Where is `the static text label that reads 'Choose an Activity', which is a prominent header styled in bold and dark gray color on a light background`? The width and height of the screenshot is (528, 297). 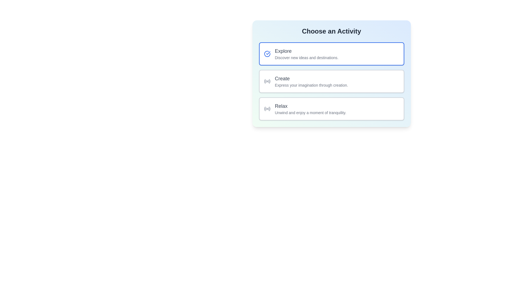
the static text label that reads 'Choose an Activity', which is a prominent header styled in bold and dark gray color on a light background is located at coordinates (331, 31).